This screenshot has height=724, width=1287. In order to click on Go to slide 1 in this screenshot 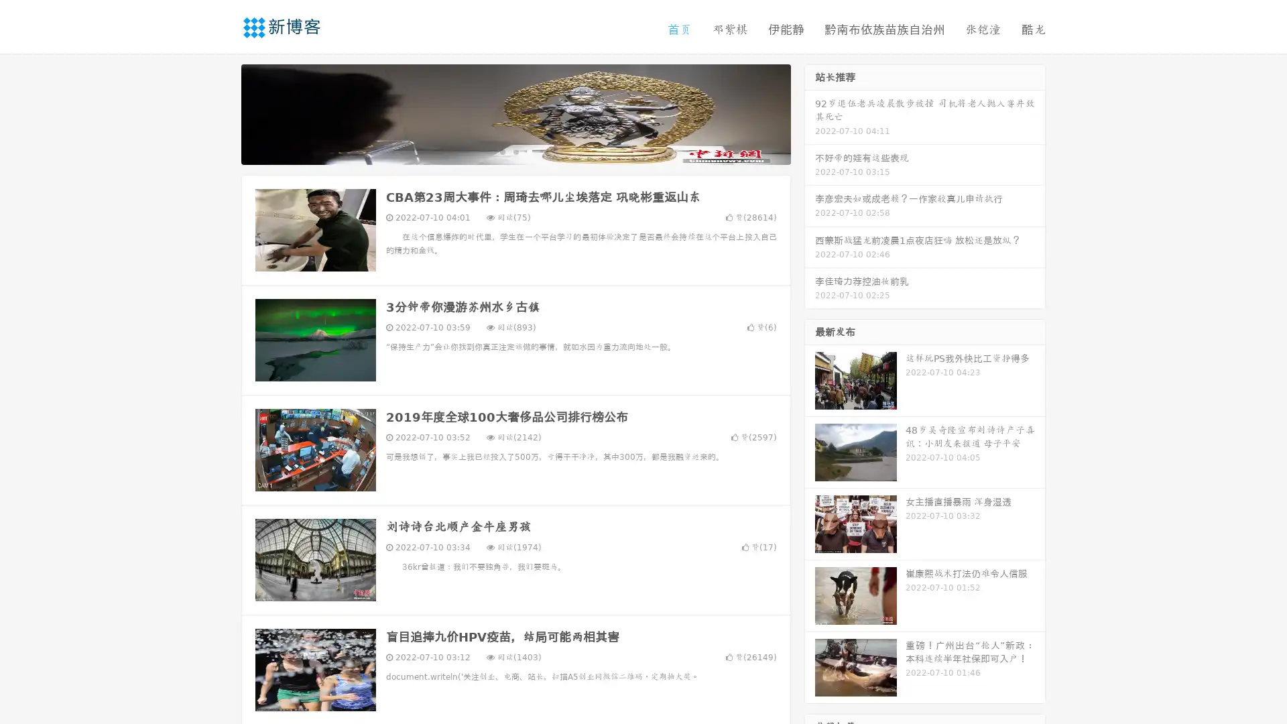, I will do `click(501, 151)`.